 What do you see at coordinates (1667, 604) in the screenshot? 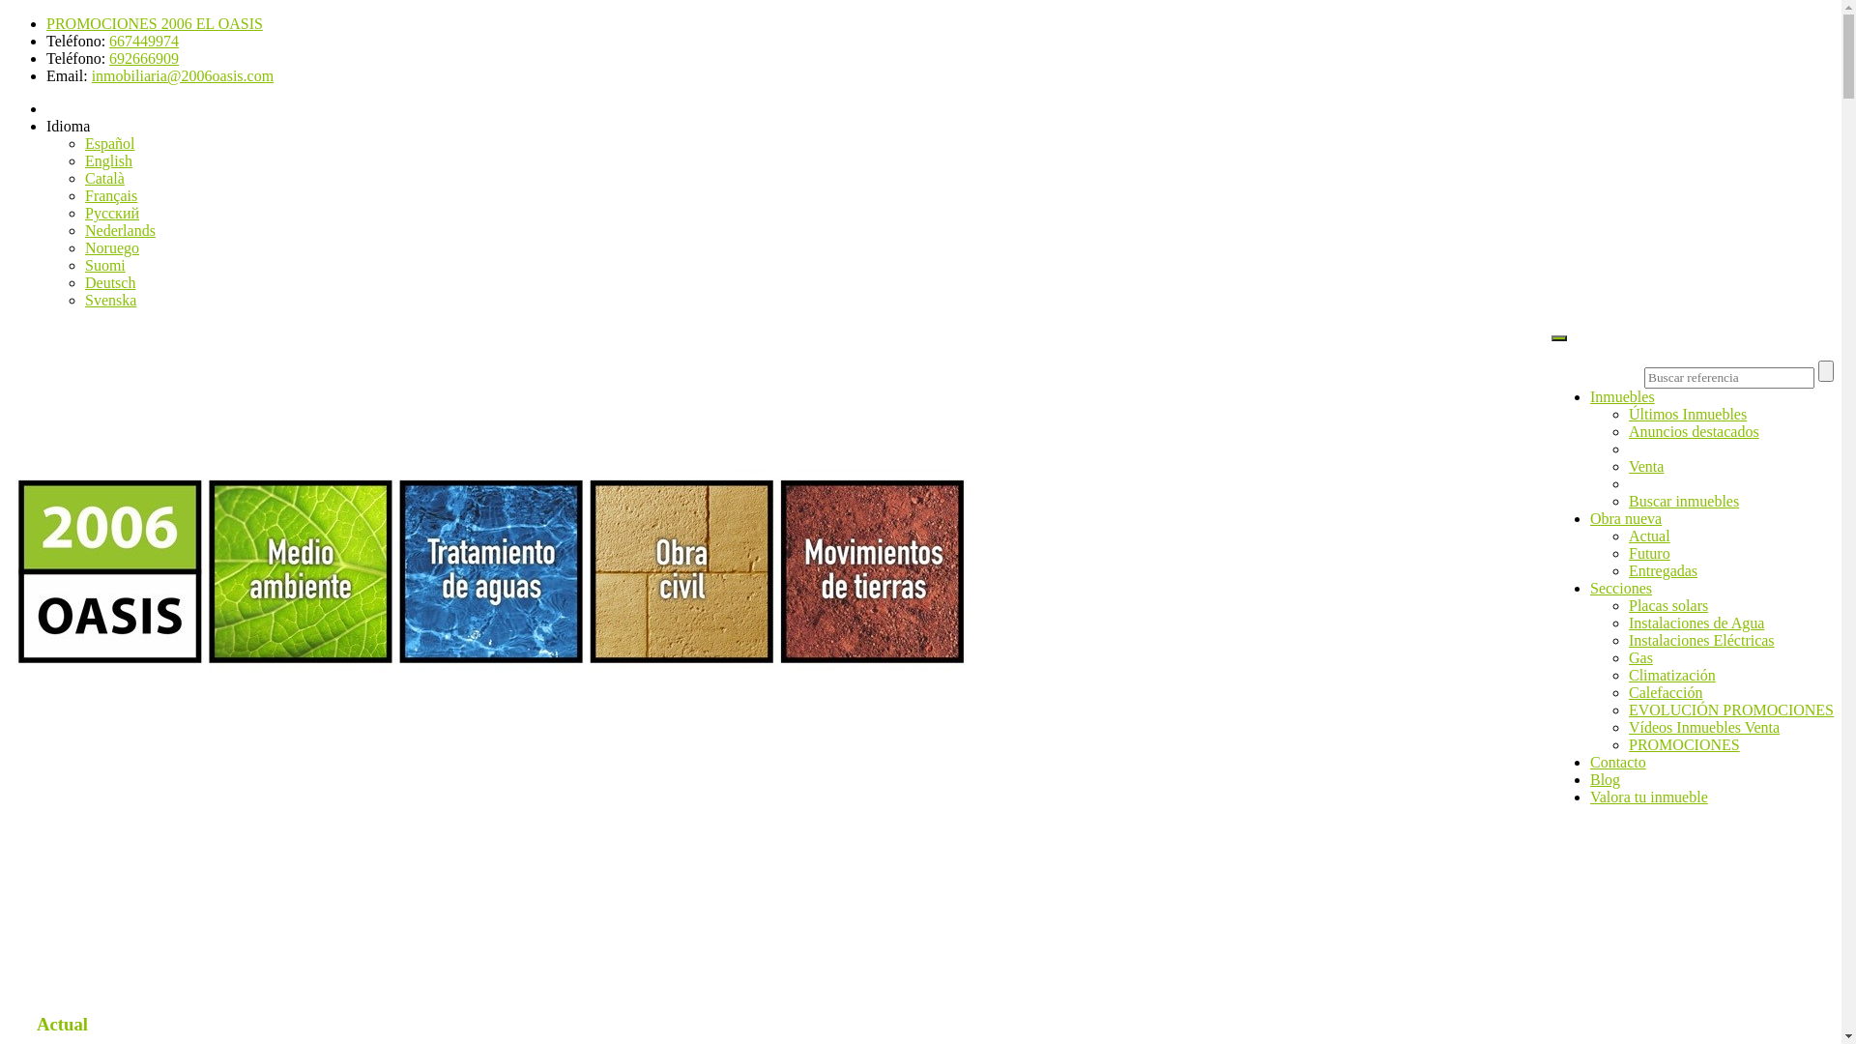
I see `'Placas solars'` at bounding box center [1667, 604].